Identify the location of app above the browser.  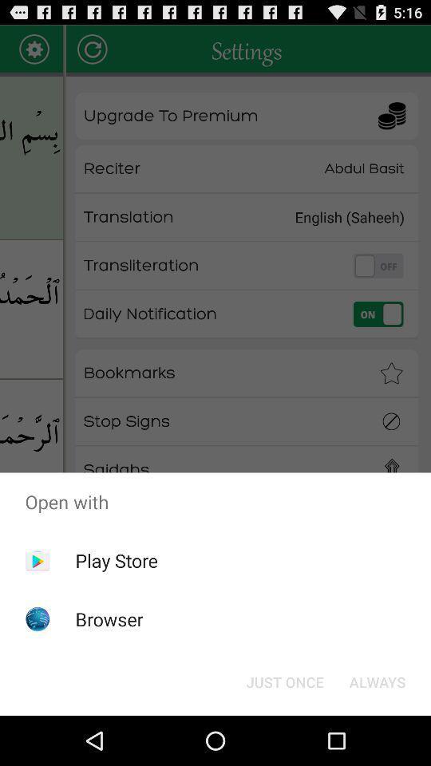
(116, 560).